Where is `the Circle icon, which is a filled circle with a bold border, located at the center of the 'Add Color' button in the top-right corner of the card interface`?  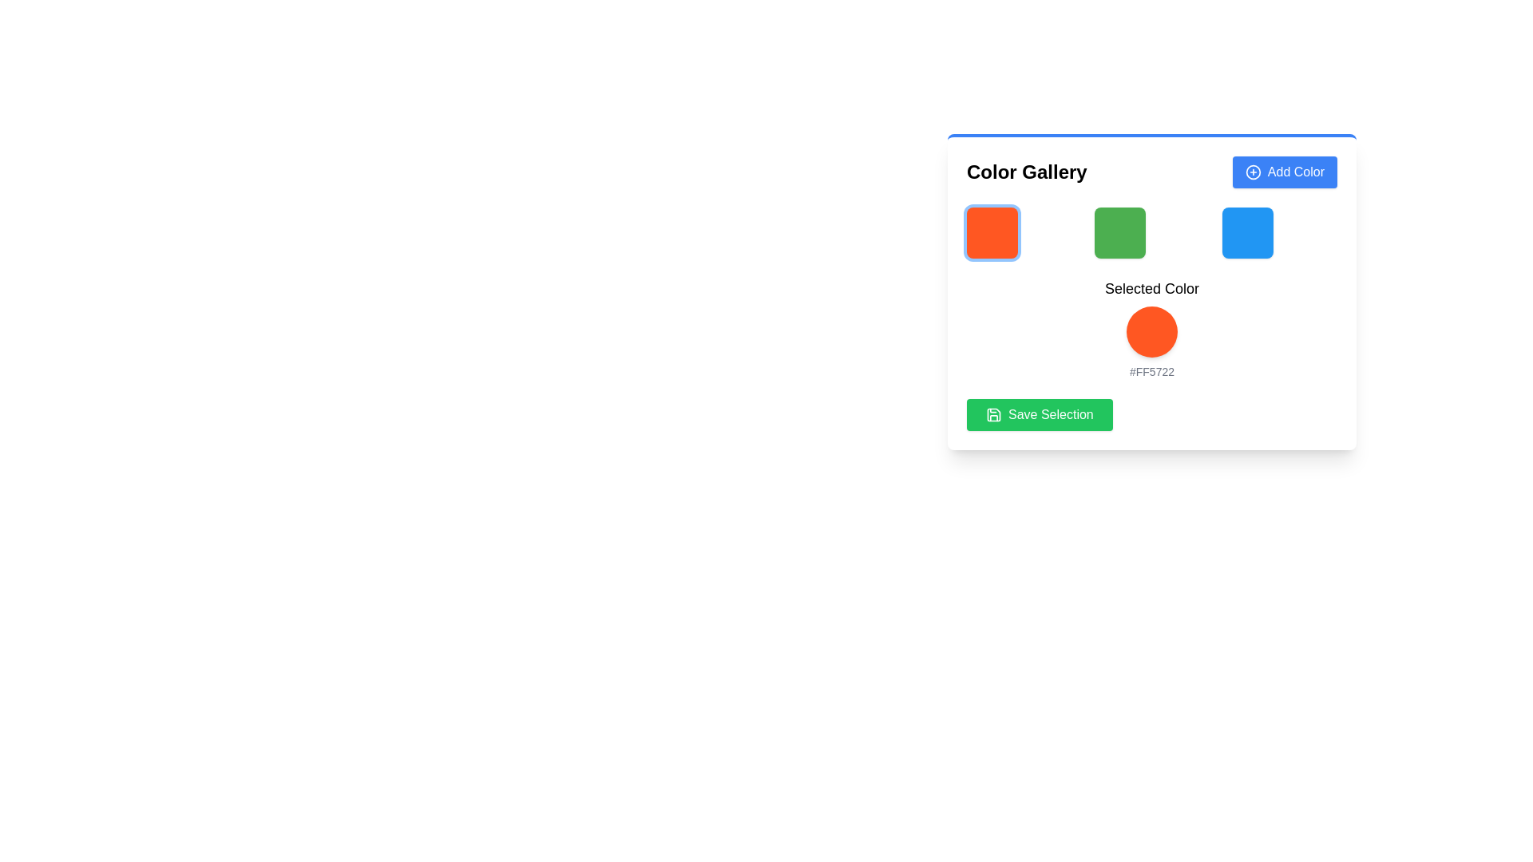
the Circle icon, which is a filled circle with a bold border, located at the center of the 'Add Color' button in the top-right corner of the card interface is located at coordinates (1252, 172).